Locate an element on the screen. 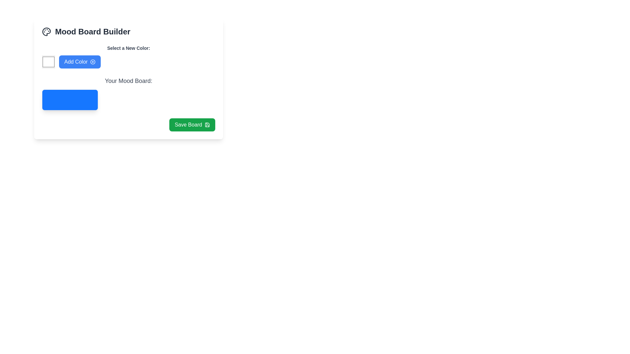 The width and height of the screenshot is (630, 354). the save disk part of the save button located at the bottom-right corner of the interface is located at coordinates (207, 125).